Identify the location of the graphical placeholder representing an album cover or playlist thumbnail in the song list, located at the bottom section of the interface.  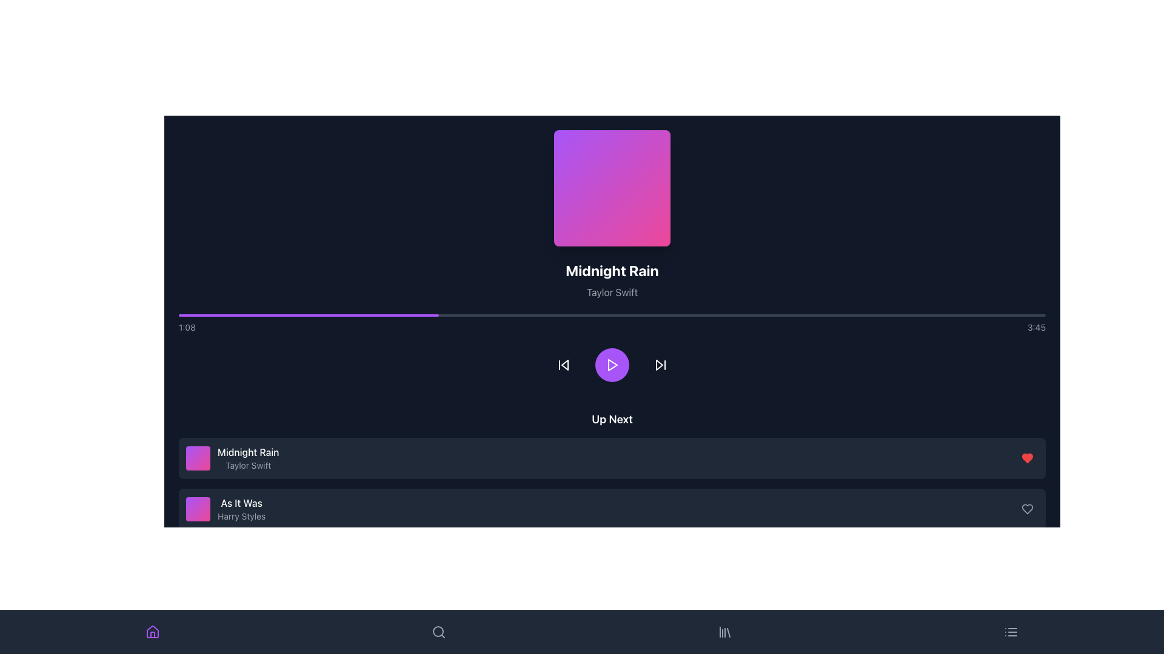
(198, 509).